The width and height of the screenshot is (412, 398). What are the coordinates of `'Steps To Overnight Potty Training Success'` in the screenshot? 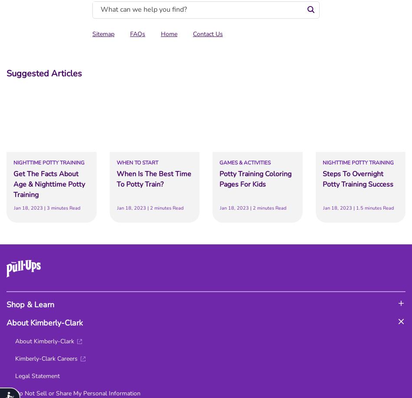 It's located at (357, 179).